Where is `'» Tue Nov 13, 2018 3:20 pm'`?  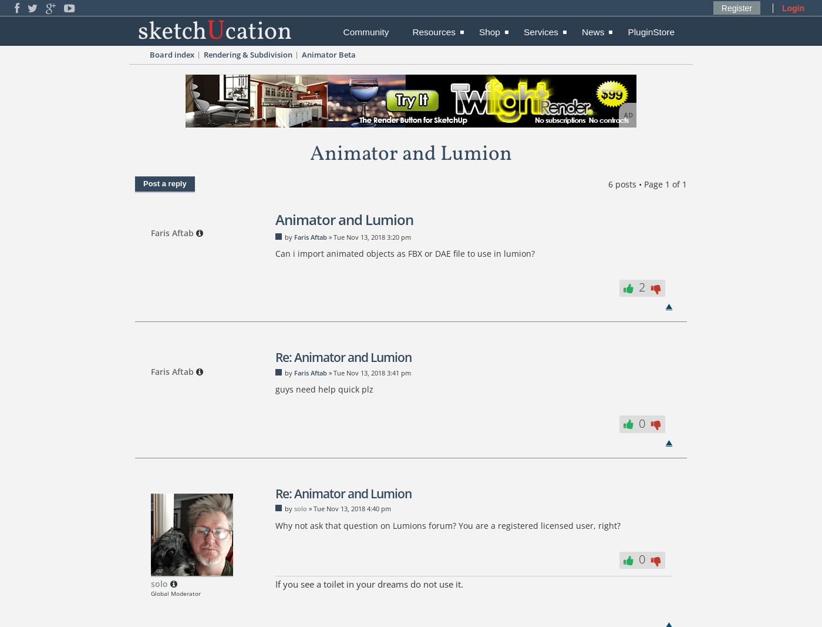
'» Tue Nov 13, 2018 3:20 pm' is located at coordinates (326, 236).